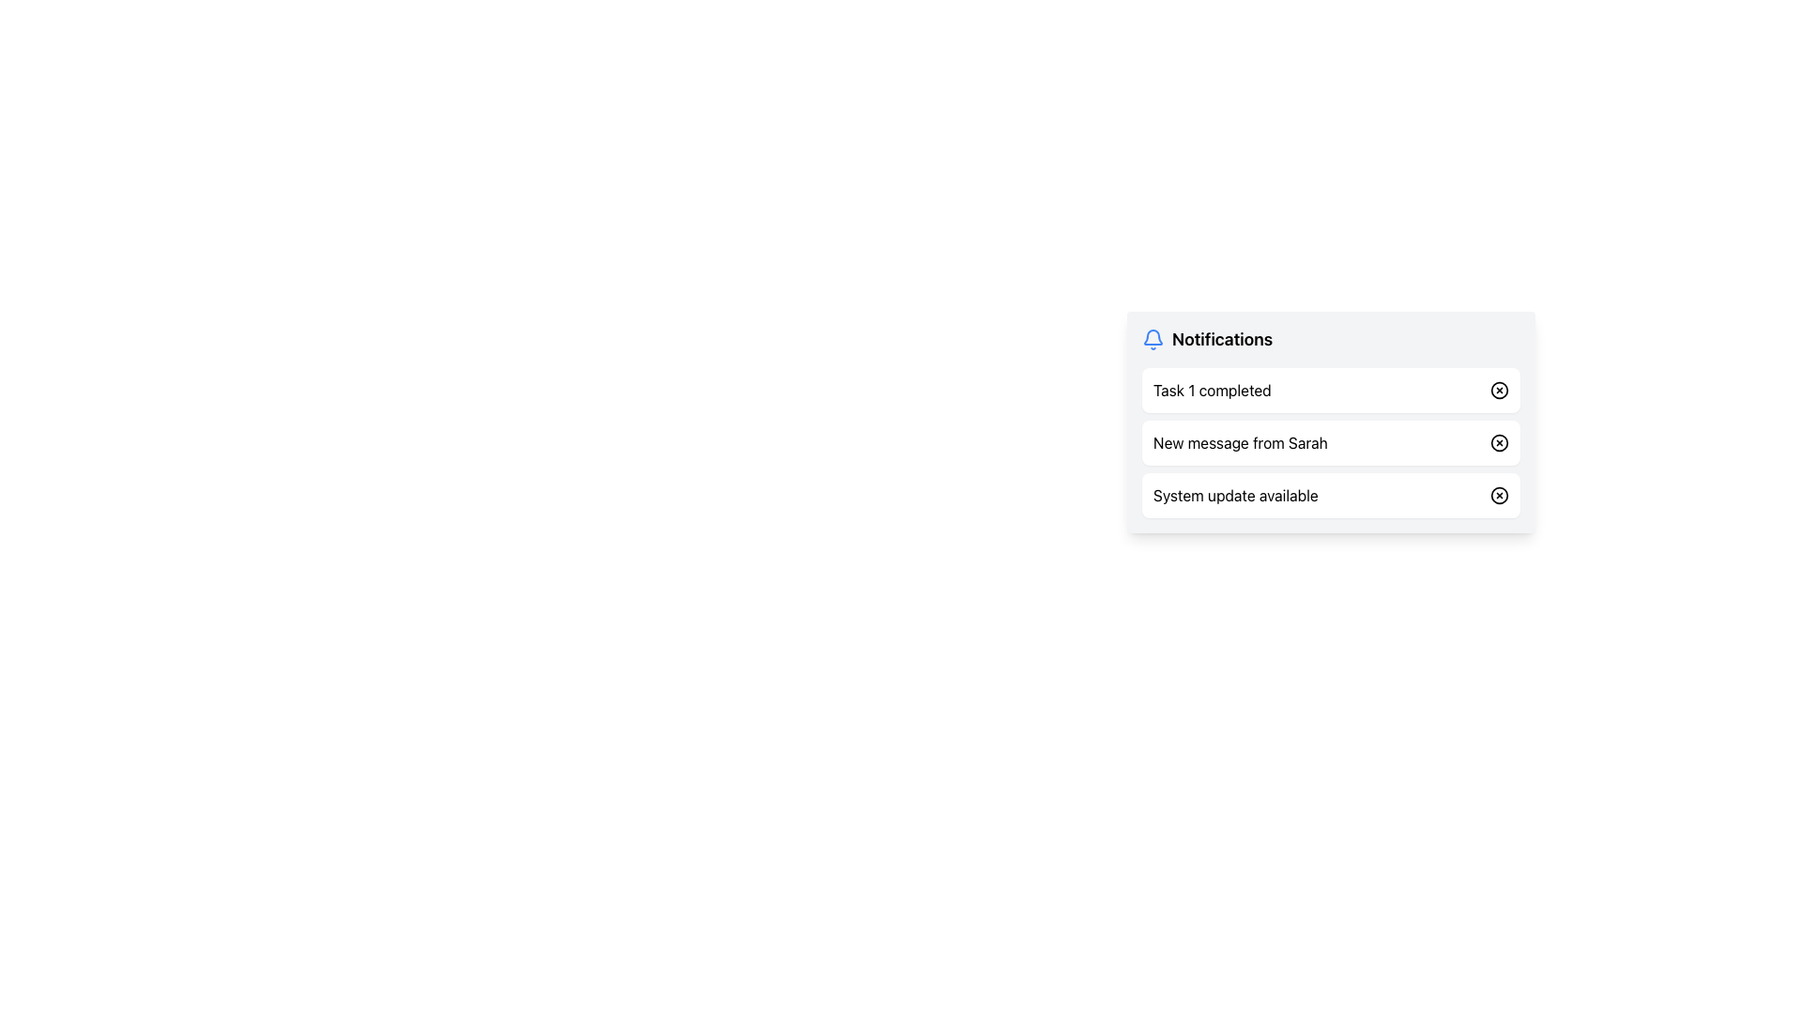  What do you see at coordinates (1152, 336) in the screenshot?
I see `the upper portion of the bell-shaped icon that signifies notifications or alerts, located to the left of the 'Notifications' heading` at bounding box center [1152, 336].